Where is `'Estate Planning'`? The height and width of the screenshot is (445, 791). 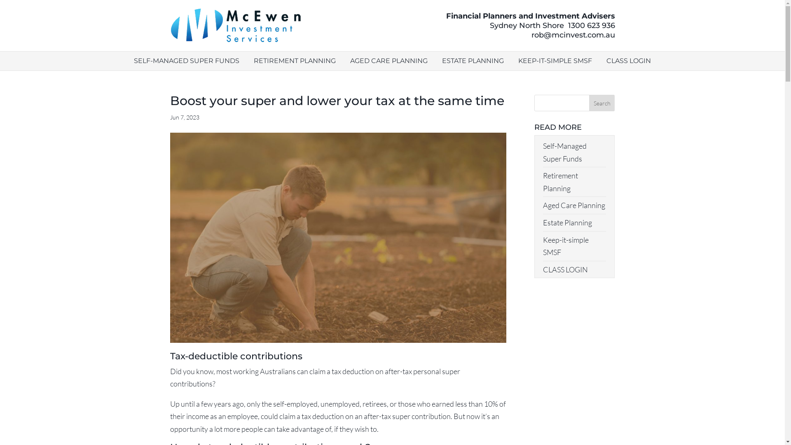
'Estate Planning' is located at coordinates (567, 222).